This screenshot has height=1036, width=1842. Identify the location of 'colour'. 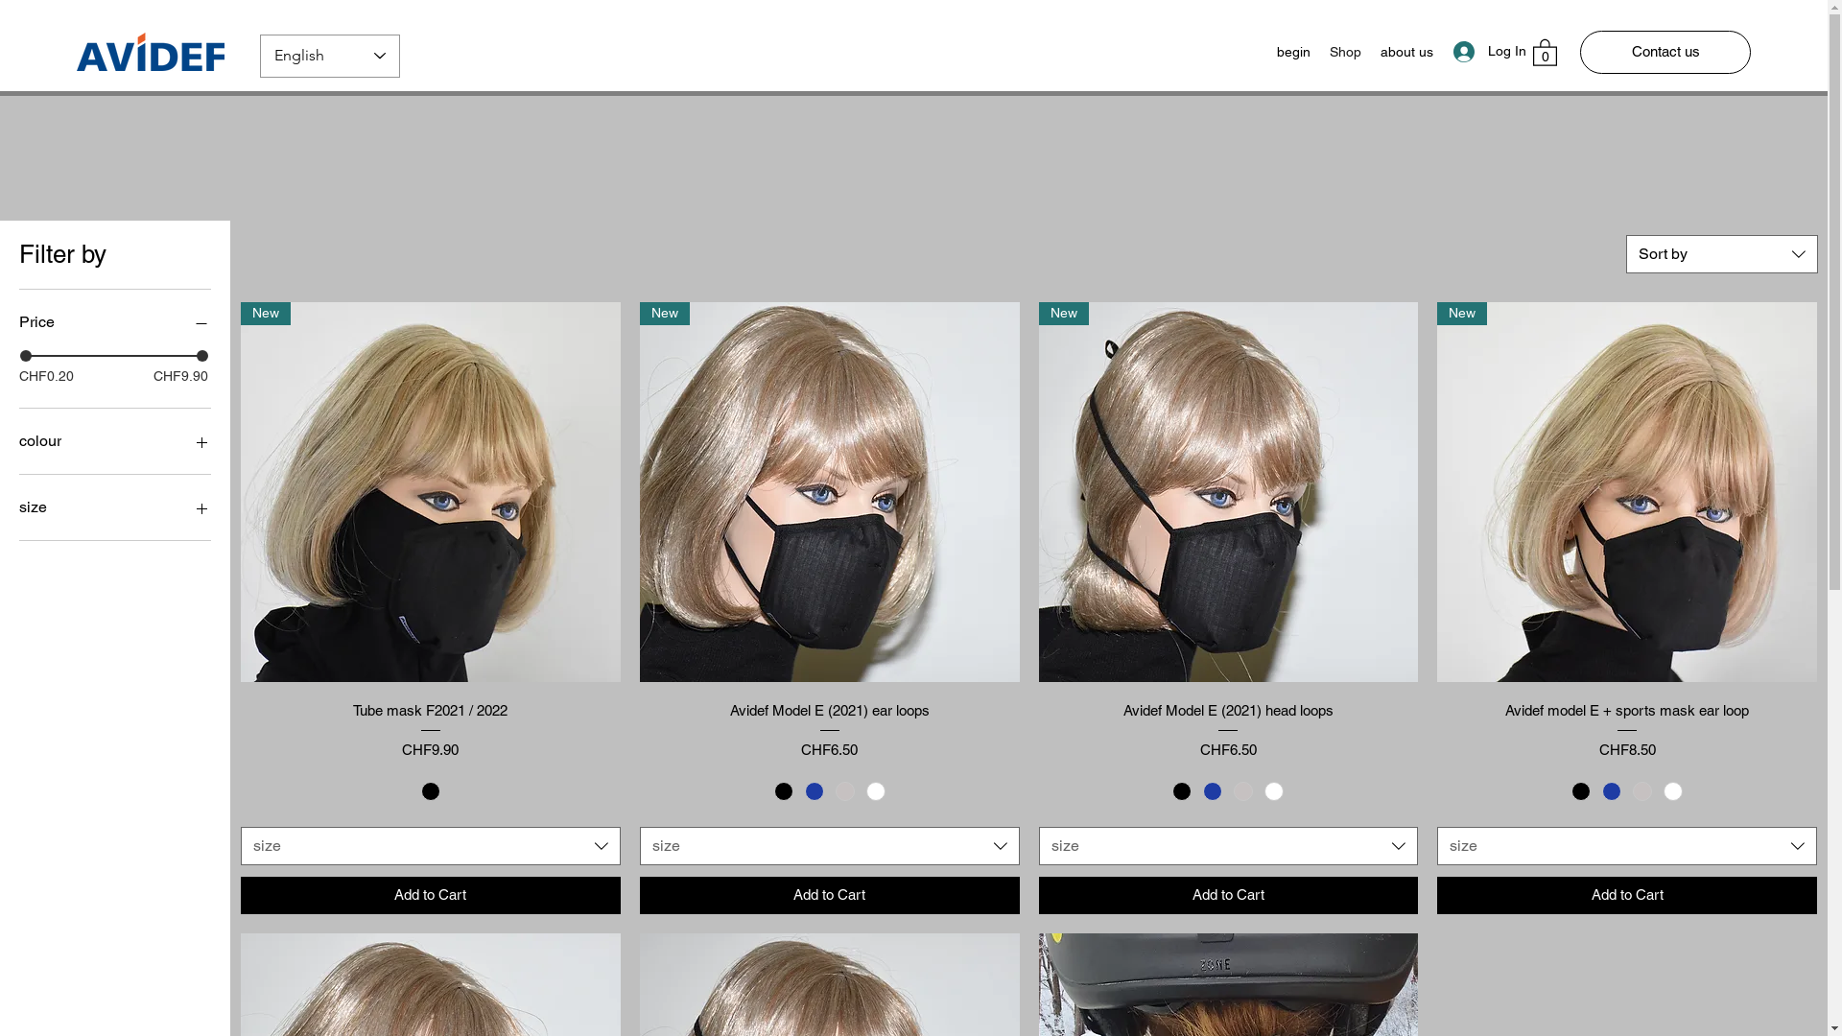
(114, 440).